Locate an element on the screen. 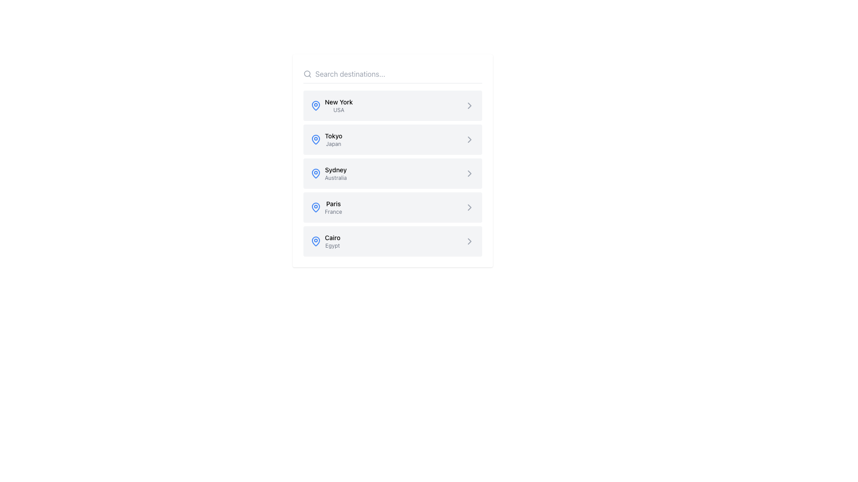 This screenshot has height=482, width=858. the text label reading 'France' which is displayed in light gray font beneath the 'Paris' label in the destination selection list is located at coordinates (333, 212).